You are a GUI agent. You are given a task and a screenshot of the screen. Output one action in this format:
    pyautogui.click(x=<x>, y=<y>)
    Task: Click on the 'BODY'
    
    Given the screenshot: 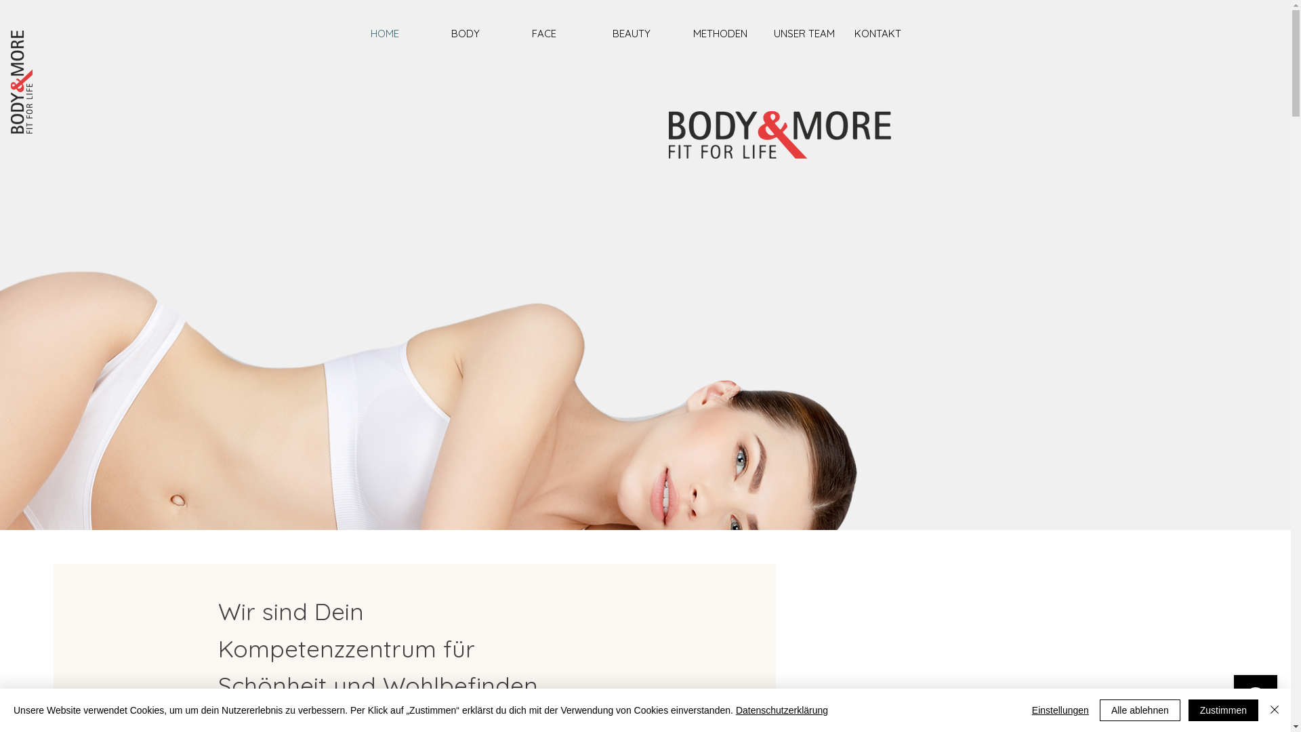 What is the action you would take?
    pyautogui.click(x=484, y=33)
    